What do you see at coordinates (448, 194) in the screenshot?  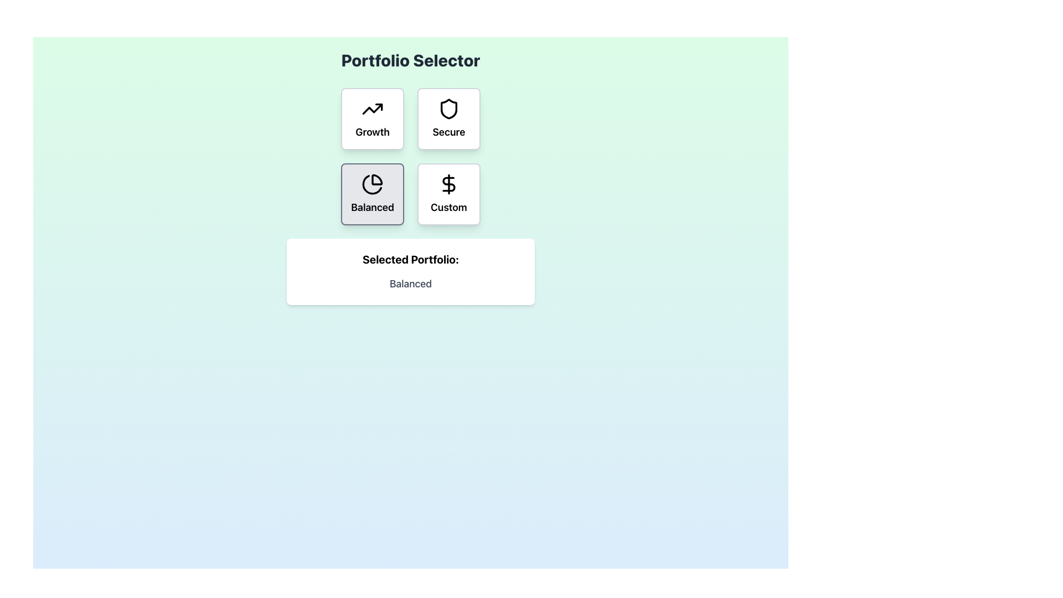 I see `the white rectangular button with rounded corners labeled 'Custom' in the bottom-right corner of the 2x2 grid under 'Portfolio Selector'` at bounding box center [448, 194].